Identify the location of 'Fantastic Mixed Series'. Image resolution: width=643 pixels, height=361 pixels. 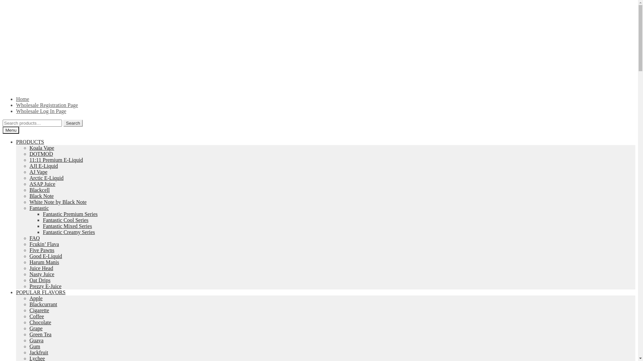
(67, 226).